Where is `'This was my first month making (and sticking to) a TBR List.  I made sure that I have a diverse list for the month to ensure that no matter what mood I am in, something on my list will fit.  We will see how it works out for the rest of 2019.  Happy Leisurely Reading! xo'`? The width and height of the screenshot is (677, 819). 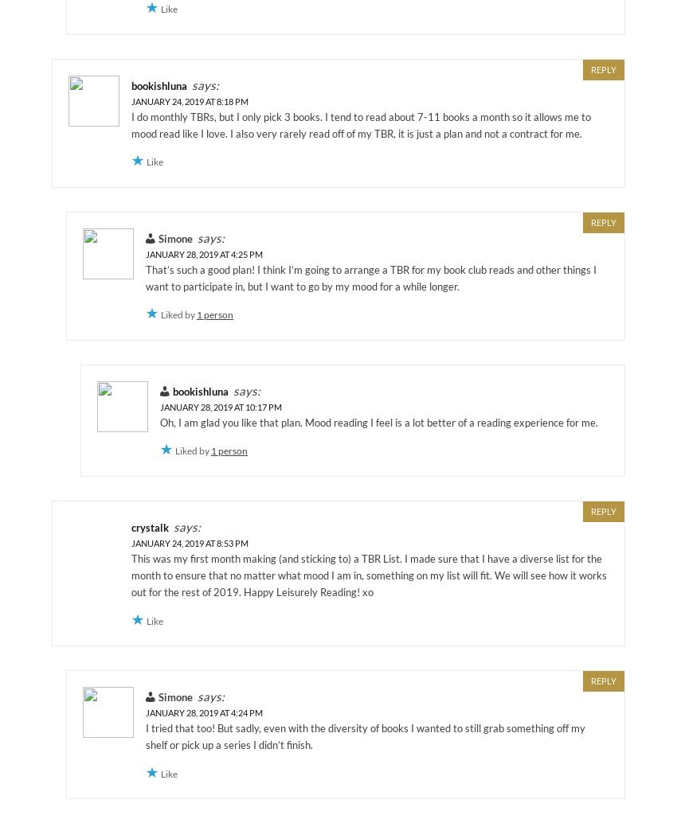 'This was my first month making (and sticking to) a TBR List.  I made sure that I have a diverse list for the month to ensure that no matter what mood I am in, something on my list will fit.  We will see how it works out for the rest of 2019.  Happy Leisurely Reading! xo' is located at coordinates (368, 574).